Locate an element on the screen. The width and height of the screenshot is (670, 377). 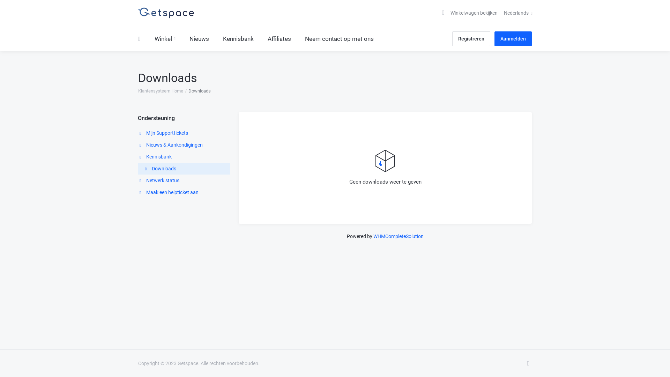
'Nederlands' is located at coordinates (501, 13).